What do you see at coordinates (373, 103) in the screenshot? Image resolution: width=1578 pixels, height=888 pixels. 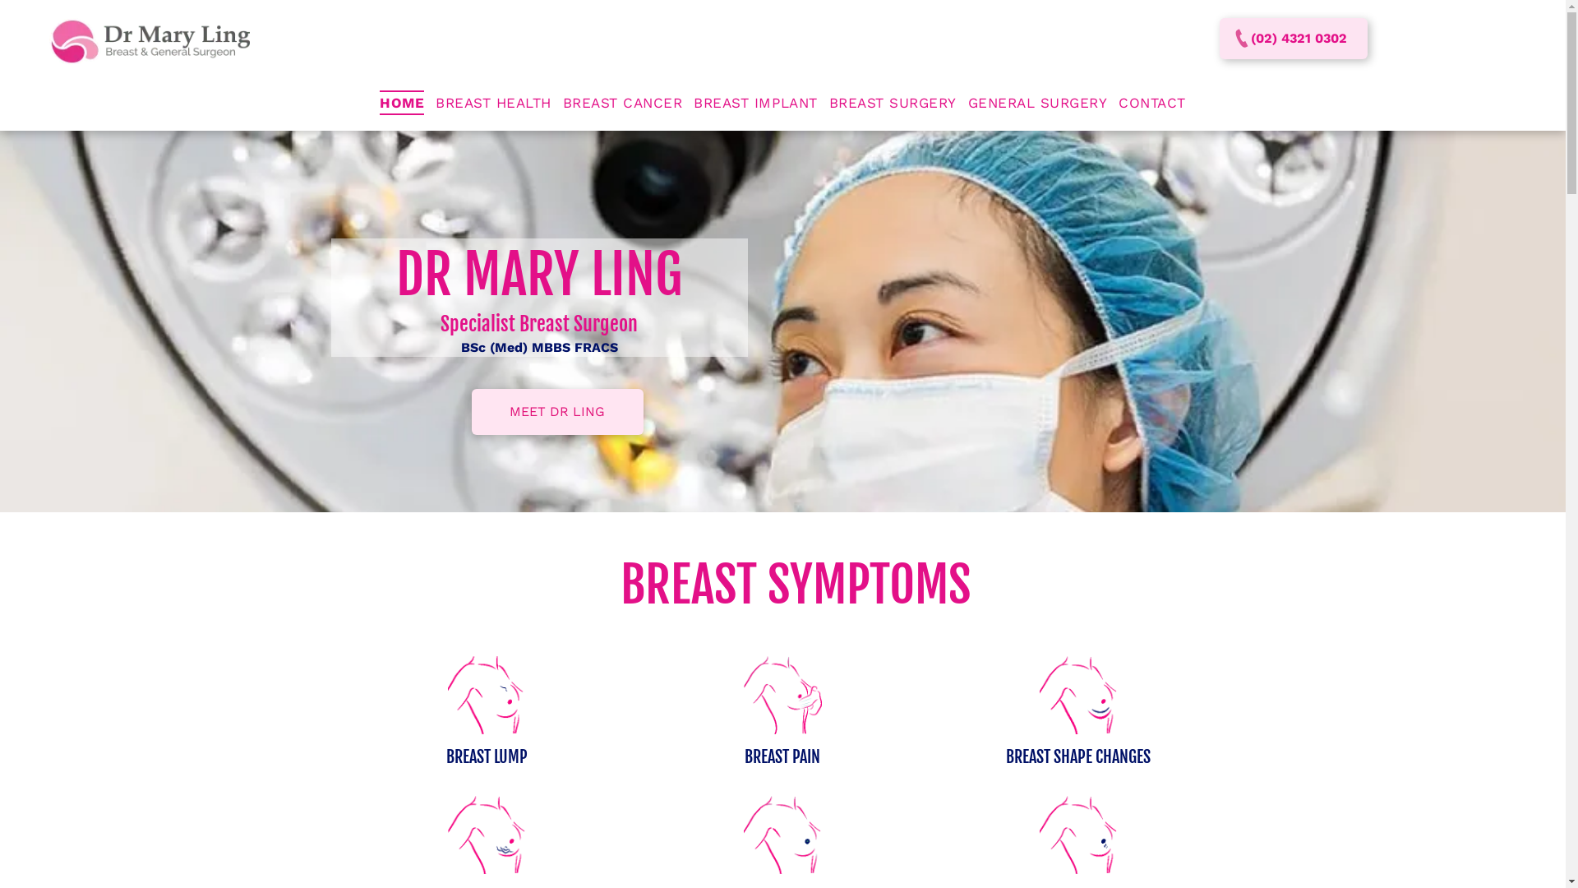 I see `'HOME'` at bounding box center [373, 103].